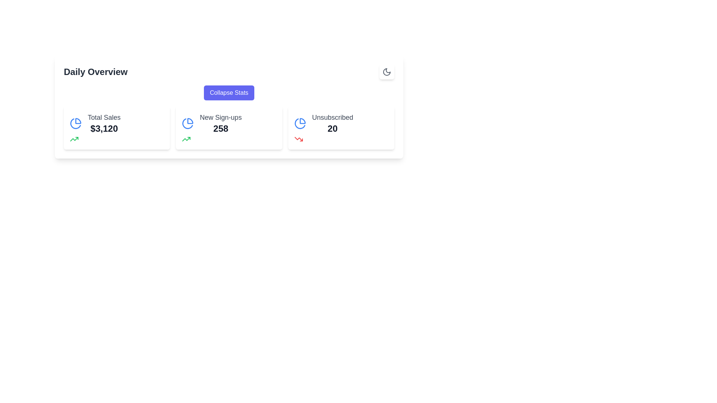 The height and width of the screenshot is (403, 717). Describe the element at coordinates (187, 123) in the screenshot. I see `the slice of the pie chart representing the 'New Sign-ups' statistic located in the second card of the statistics section` at that location.